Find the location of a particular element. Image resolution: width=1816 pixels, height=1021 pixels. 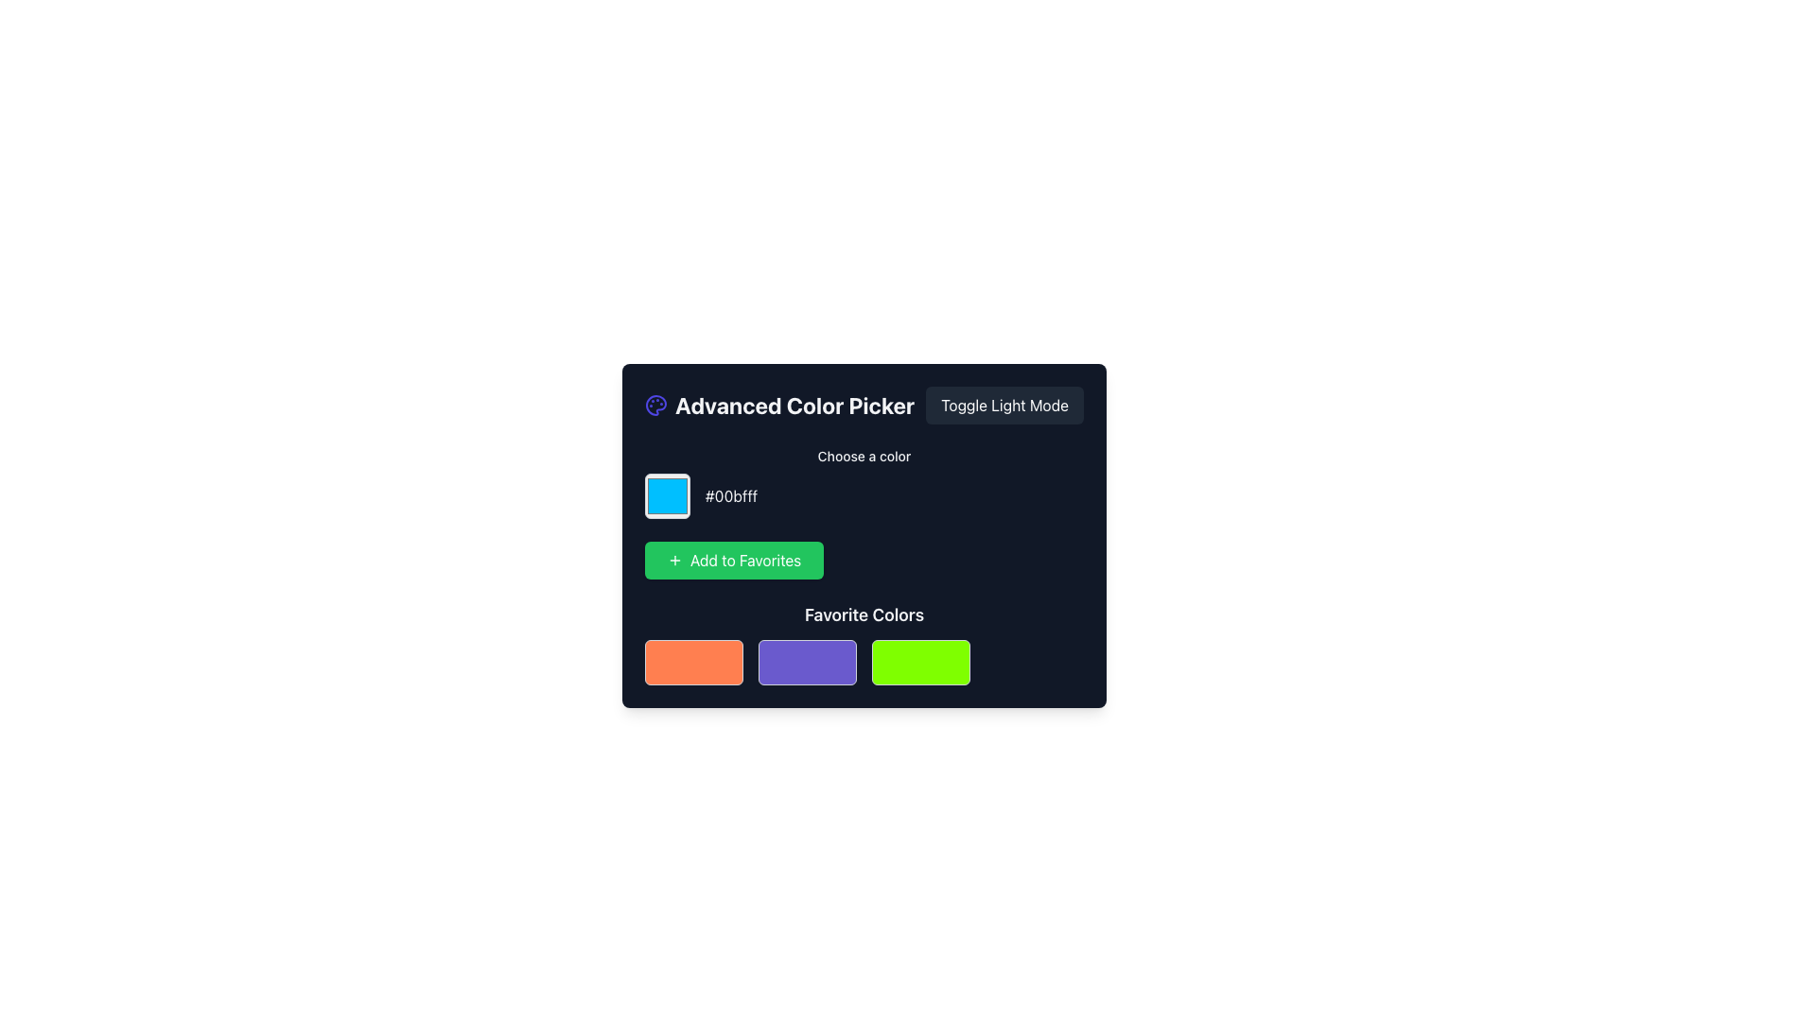

a color from the Color Picker input located in the 'Advanced Color Picker' section, which shows a preview of the color '#00bfff' is located at coordinates (863, 481).